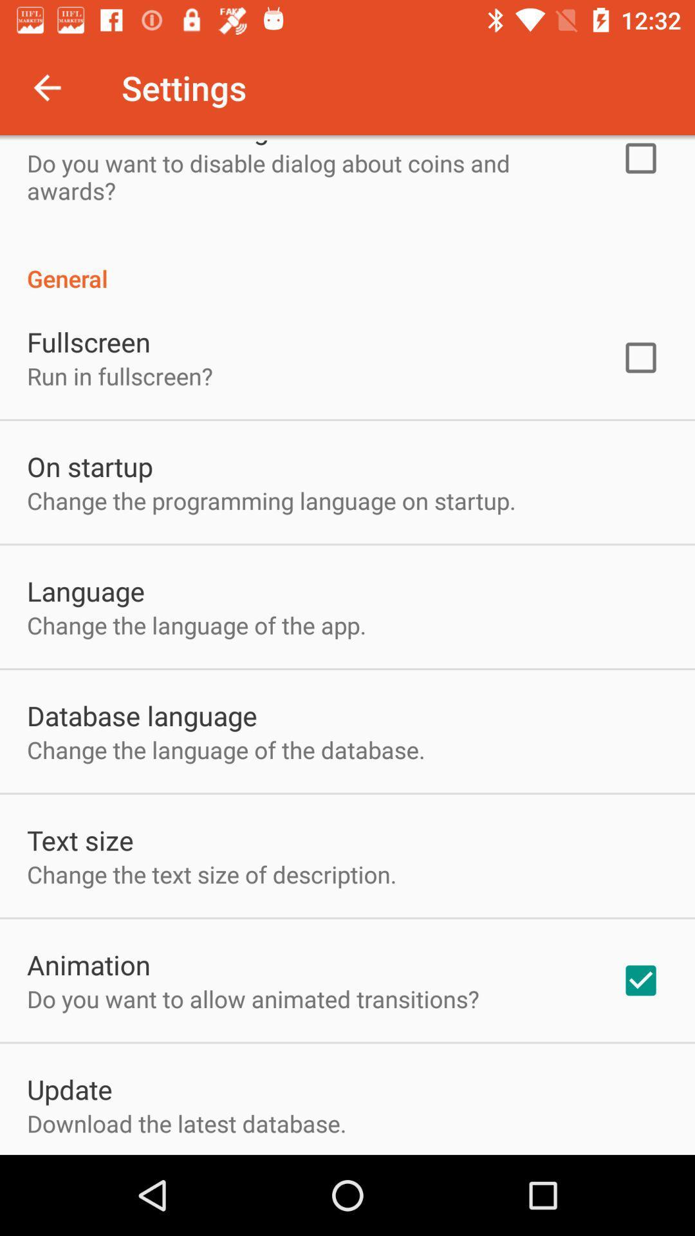 The image size is (695, 1236). I want to click on item to the left of settings icon, so click(46, 87).